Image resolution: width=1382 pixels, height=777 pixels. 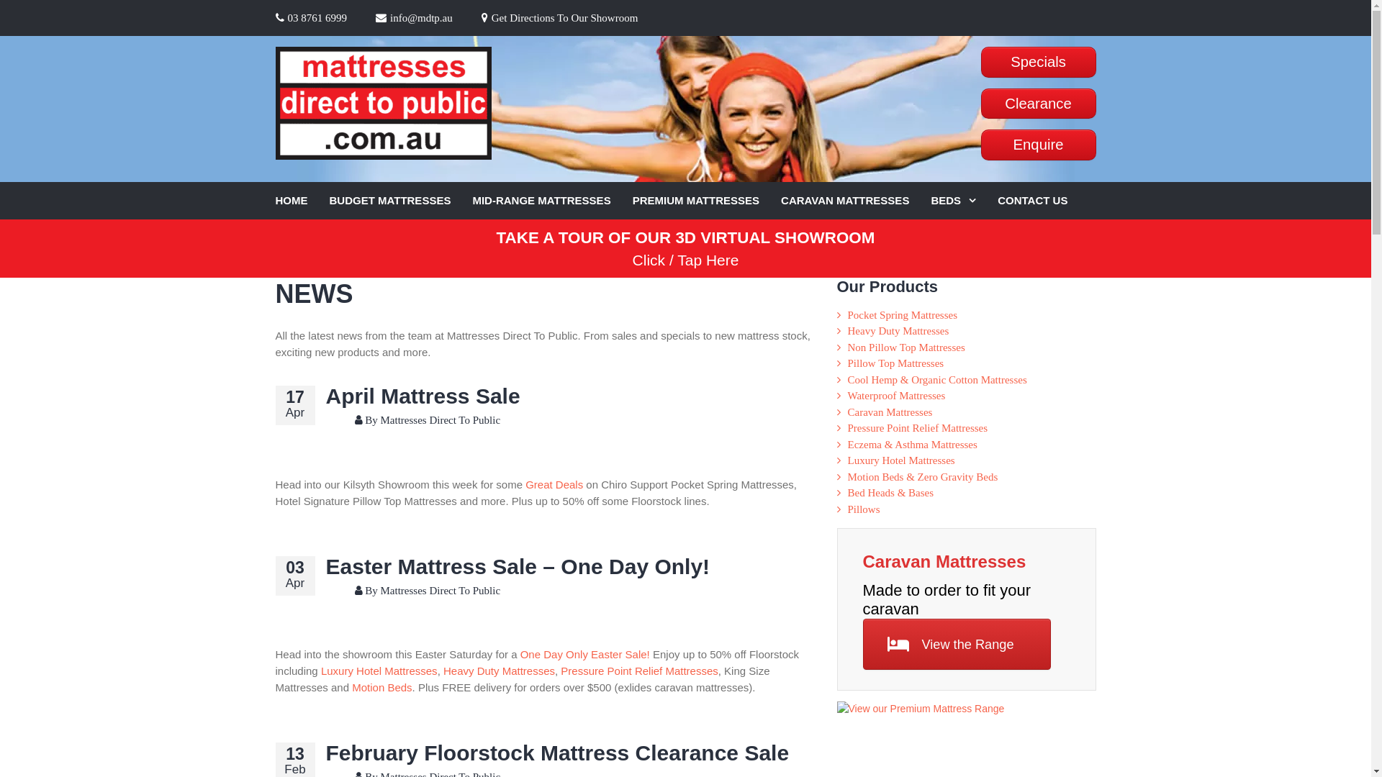 What do you see at coordinates (980, 61) in the screenshot?
I see `'Specials'` at bounding box center [980, 61].